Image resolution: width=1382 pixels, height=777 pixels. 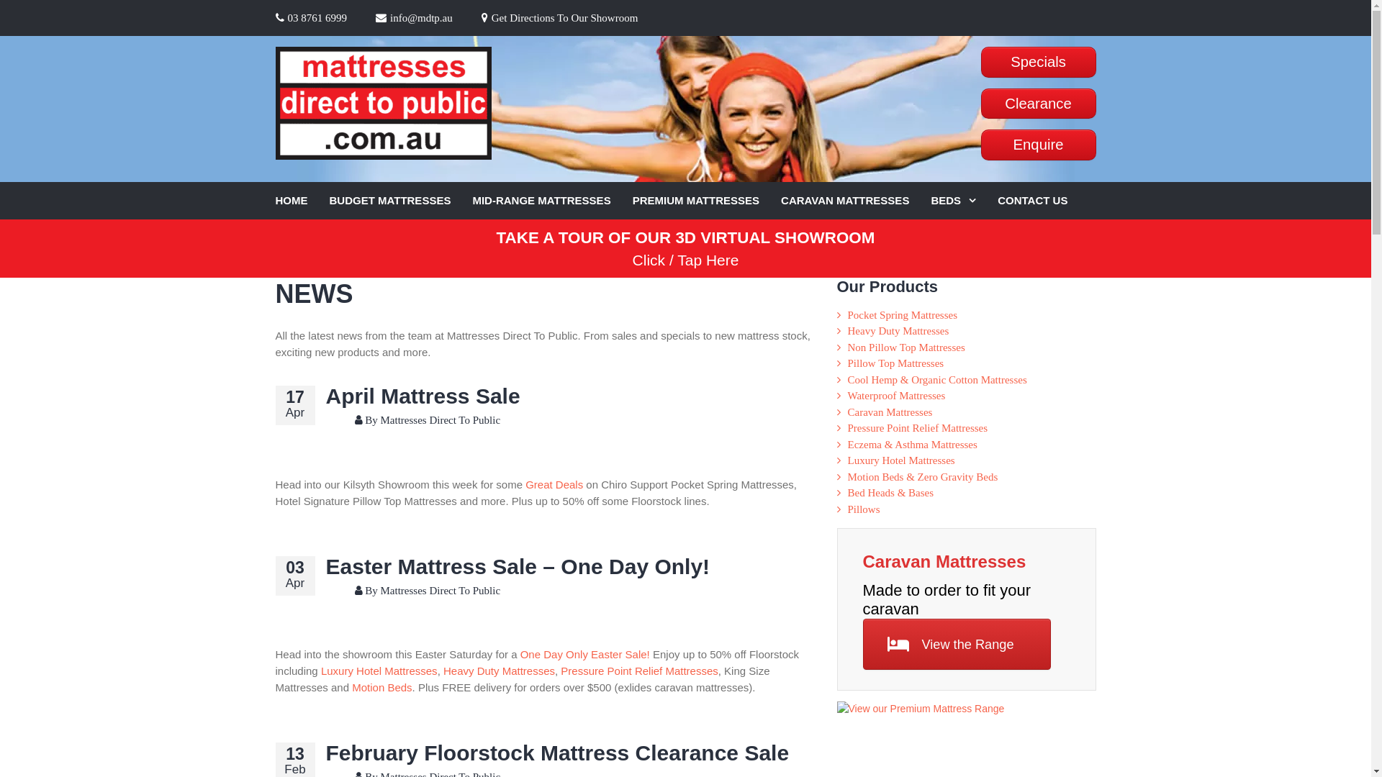 What do you see at coordinates (980, 61) in the screenshot?
I see `'Specials'` at bounding box center [980, 61].